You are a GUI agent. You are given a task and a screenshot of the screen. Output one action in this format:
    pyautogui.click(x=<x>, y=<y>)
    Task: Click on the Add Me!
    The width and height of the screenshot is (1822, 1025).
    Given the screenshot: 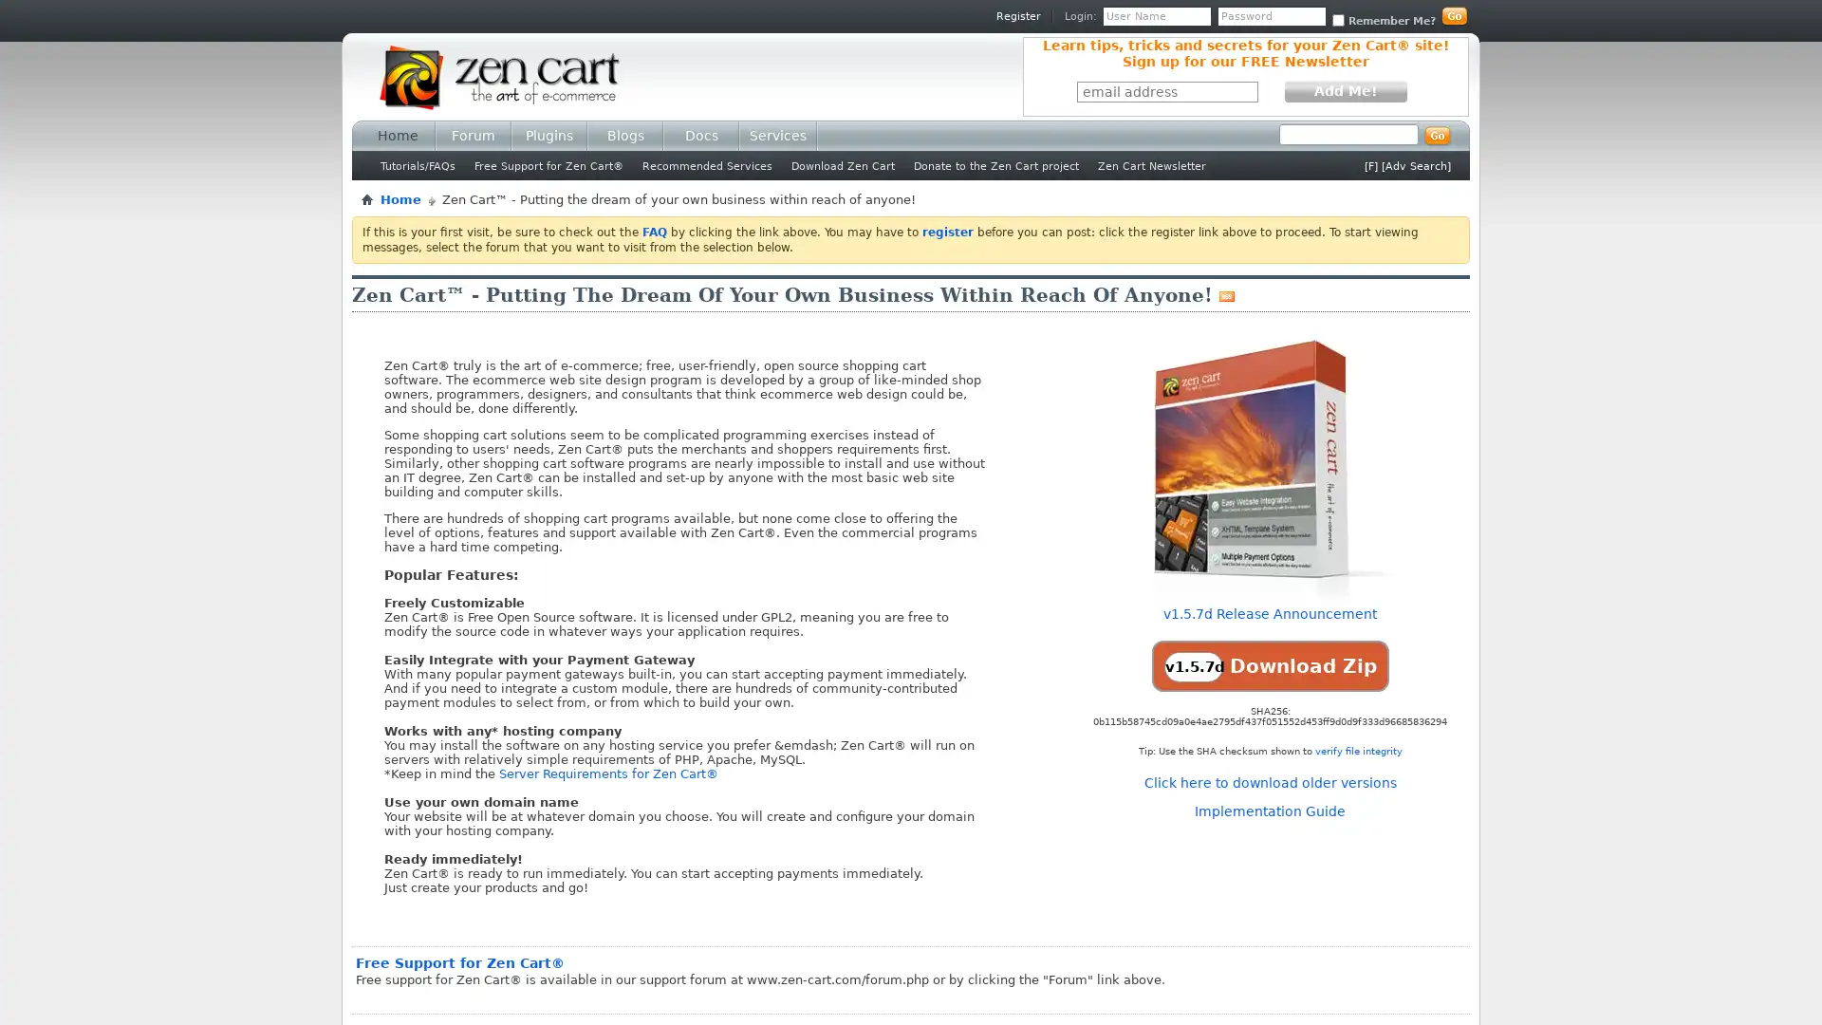 What is the action you would take?
    pyautogui.click(x=1344, y=91)
    